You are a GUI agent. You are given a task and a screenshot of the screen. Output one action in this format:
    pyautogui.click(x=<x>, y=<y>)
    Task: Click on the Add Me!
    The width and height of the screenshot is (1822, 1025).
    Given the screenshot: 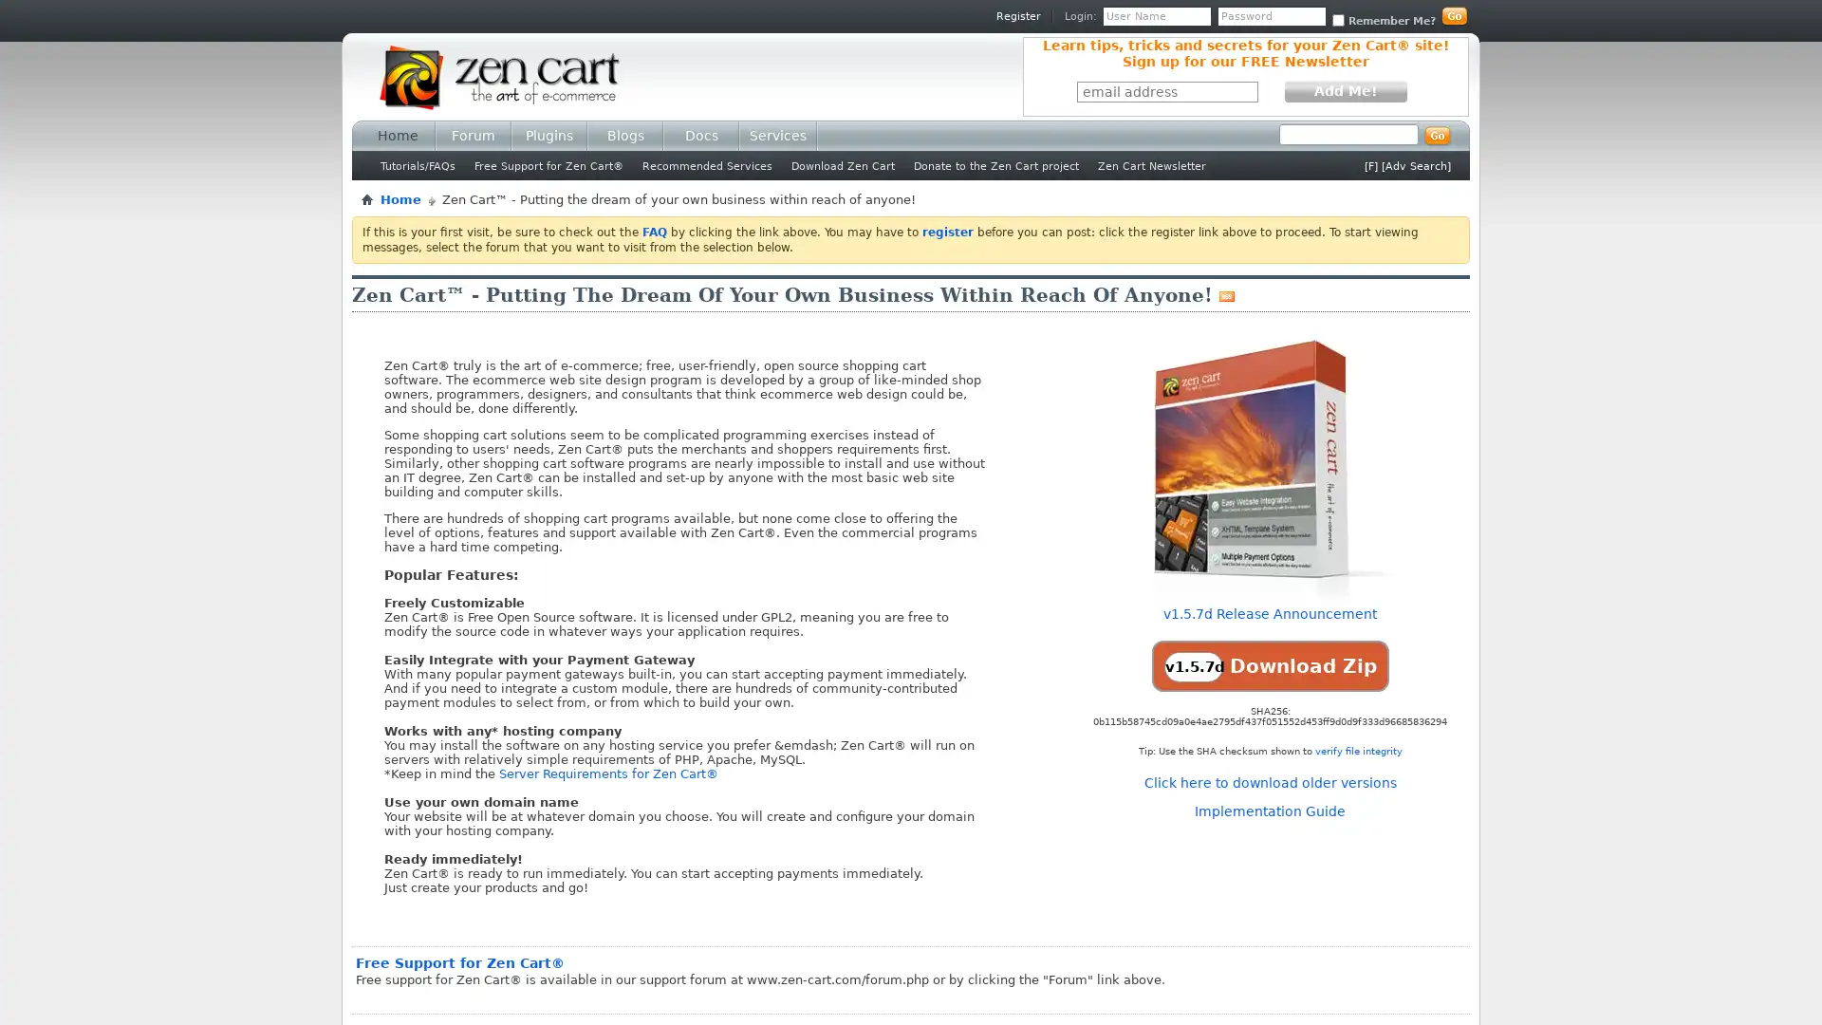 What is the action you would take?
    pyautogui.click(x=1344, y=91)
    